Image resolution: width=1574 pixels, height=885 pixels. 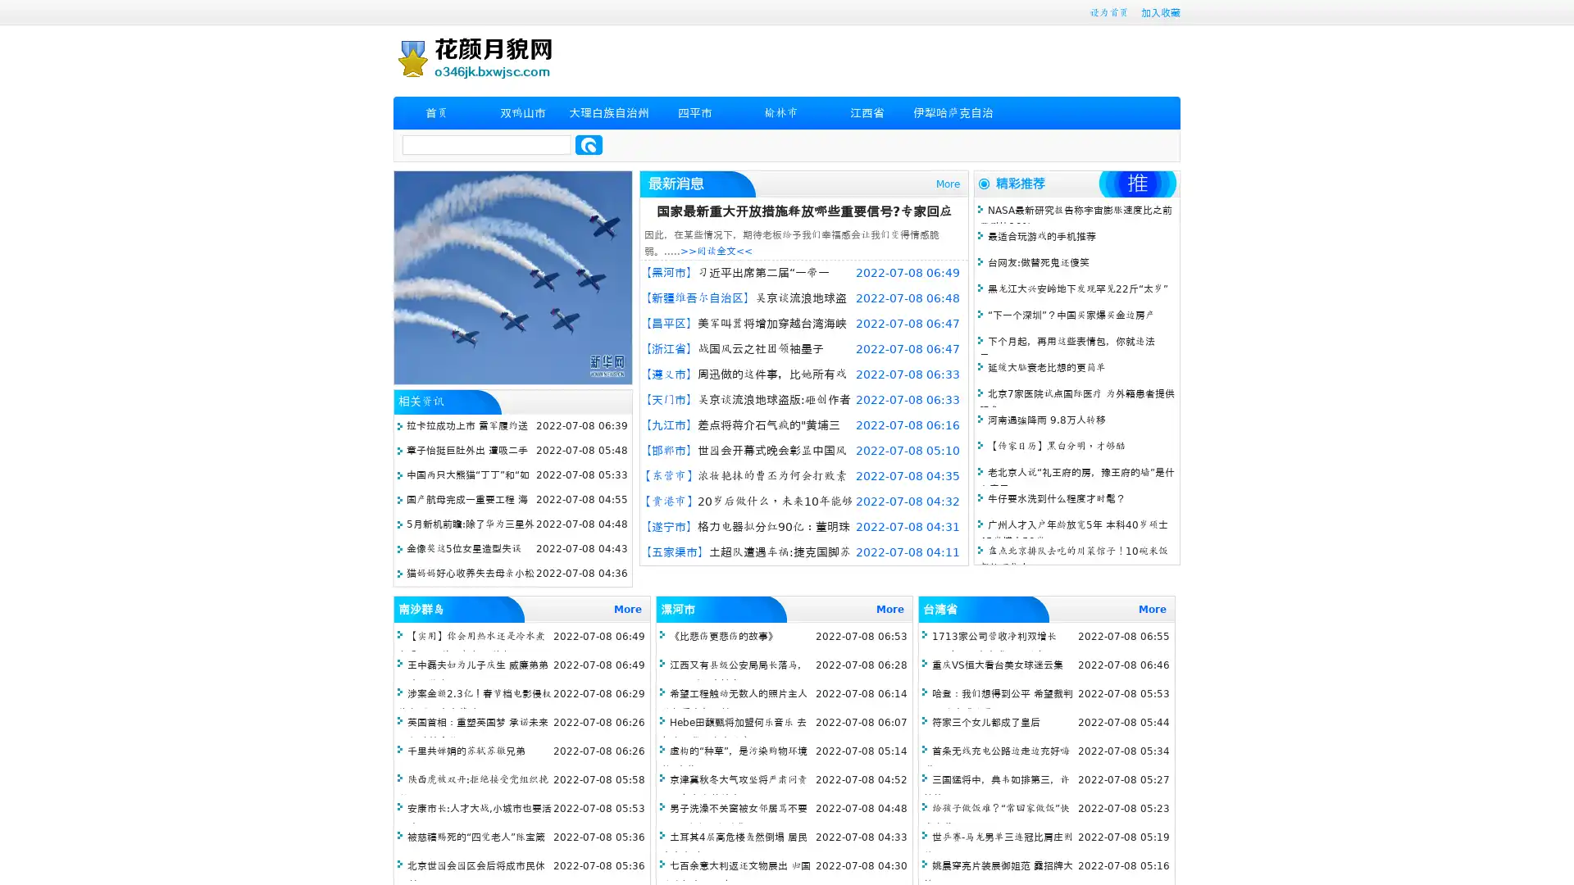 I want to click on Search, so click(x=589, y=144).